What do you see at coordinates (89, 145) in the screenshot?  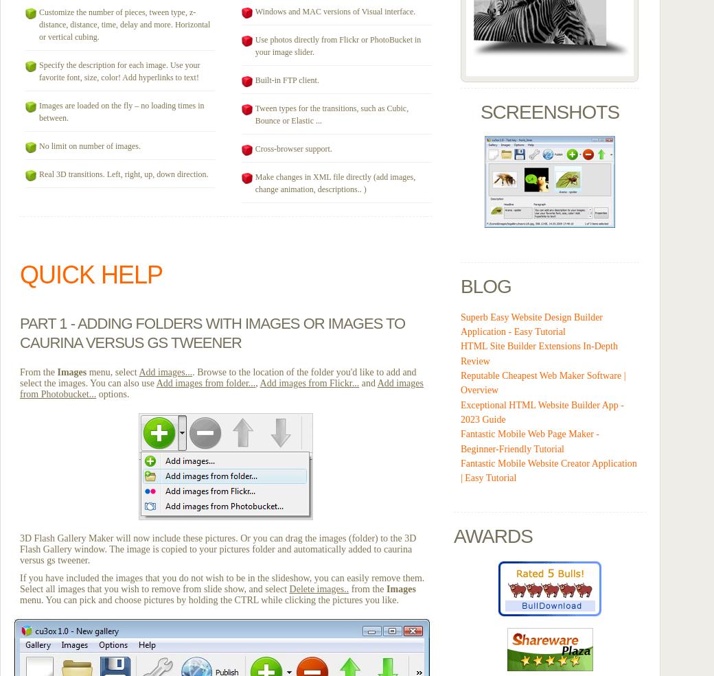 I see `'No limit on number of images.'` at bounding box center [89, 145].